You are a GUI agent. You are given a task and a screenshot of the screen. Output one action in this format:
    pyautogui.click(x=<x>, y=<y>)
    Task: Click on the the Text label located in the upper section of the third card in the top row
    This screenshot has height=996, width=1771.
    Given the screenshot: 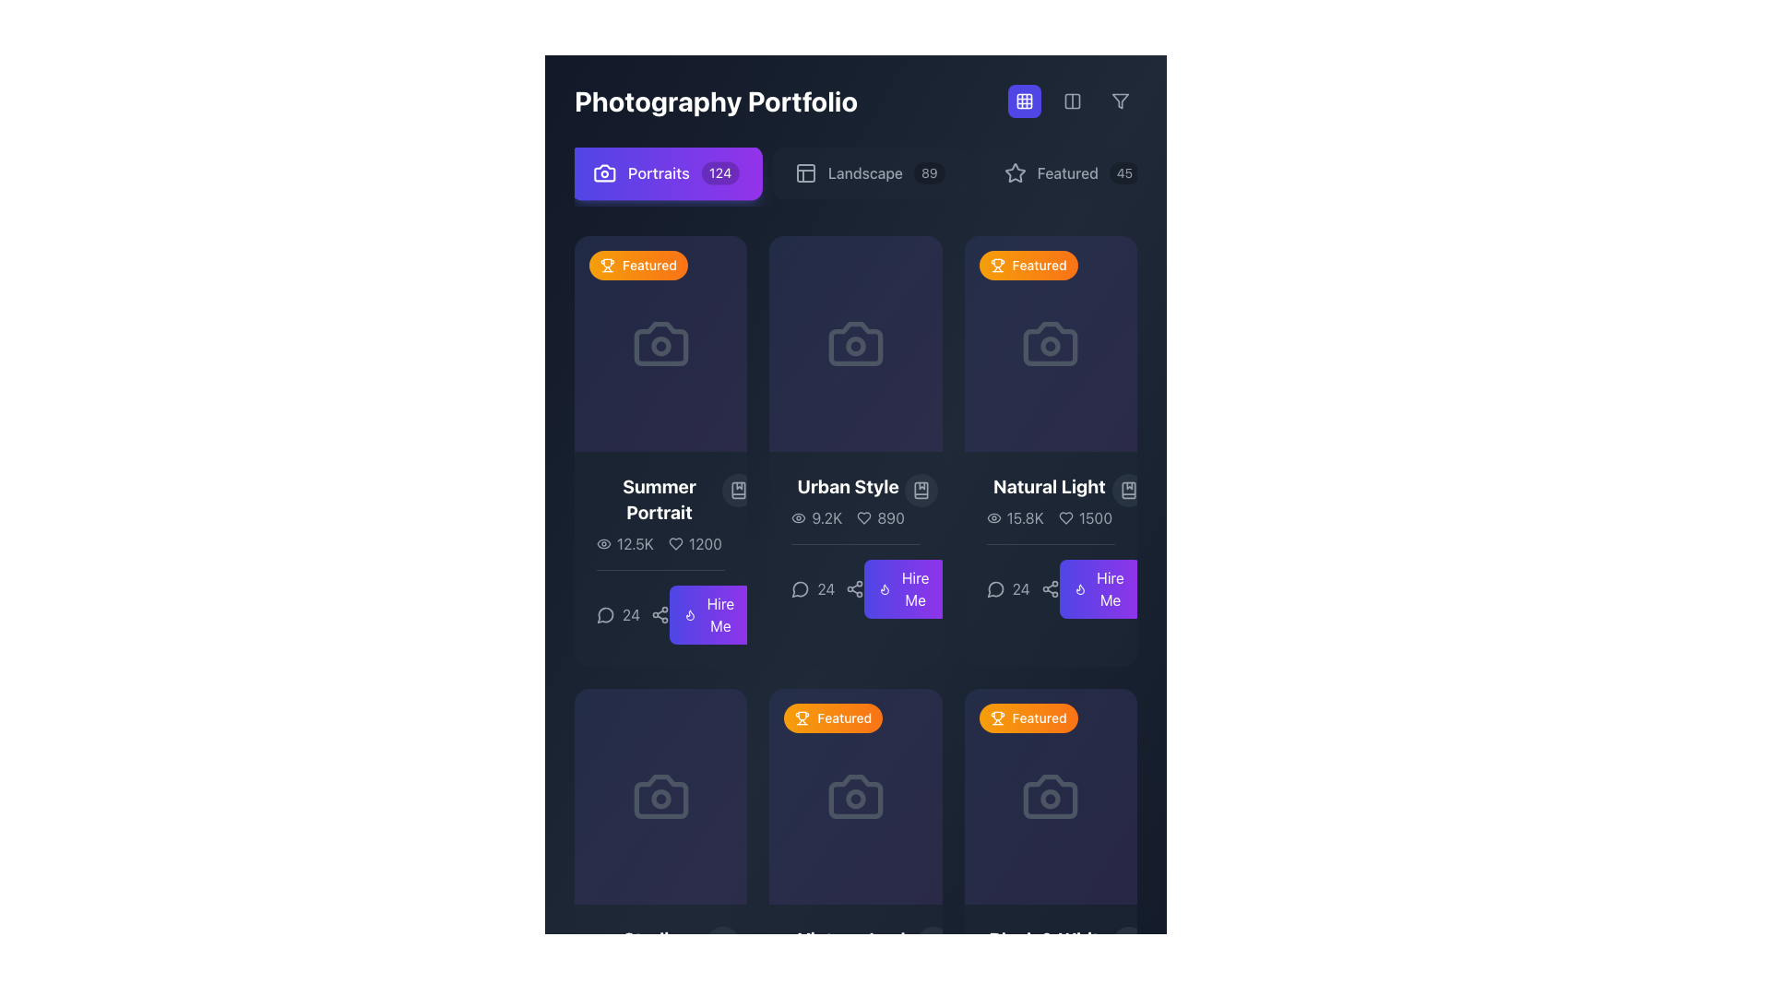 What is the action you would take?
    pyautogui.click(x=1049, y=486)
    